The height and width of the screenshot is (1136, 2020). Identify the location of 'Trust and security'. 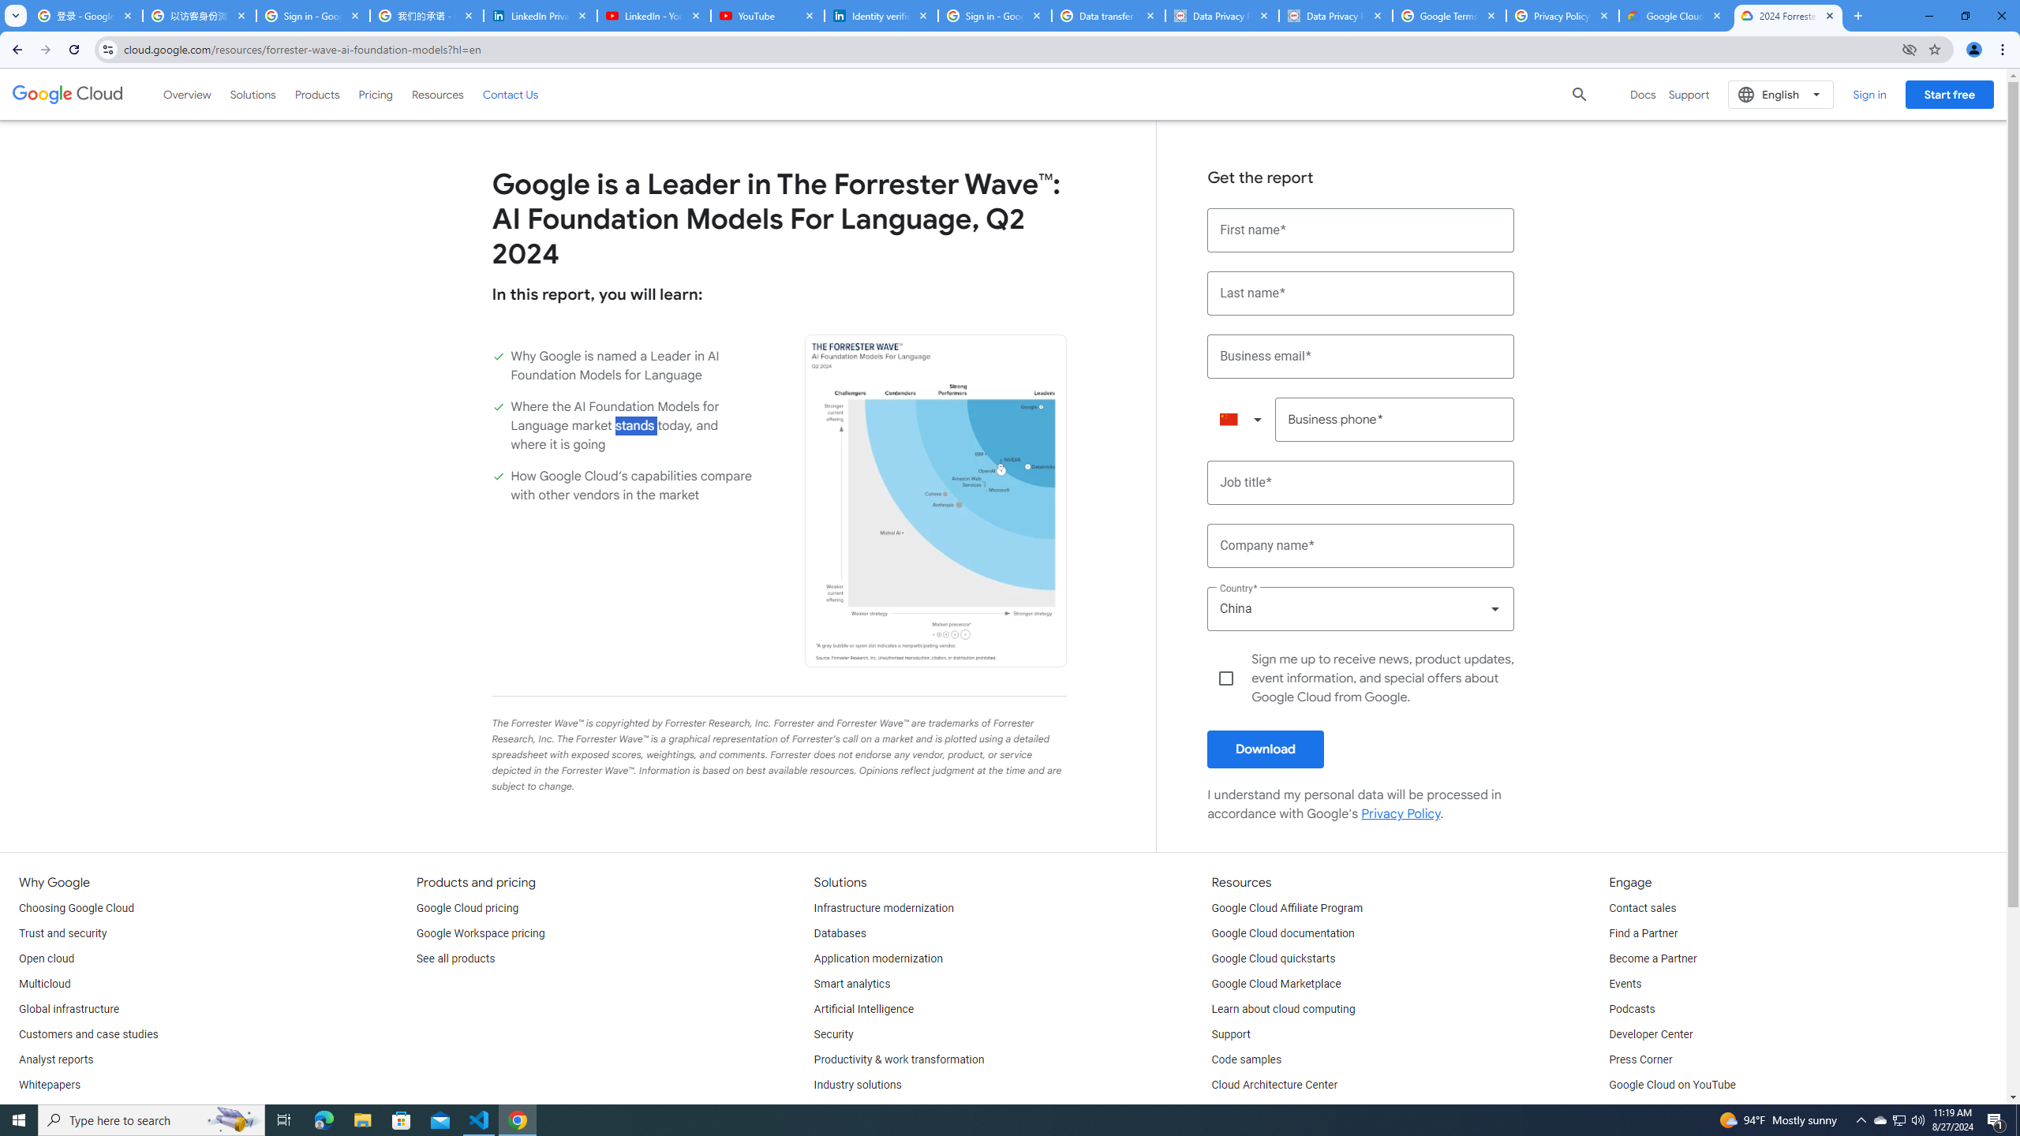
(62, 933).